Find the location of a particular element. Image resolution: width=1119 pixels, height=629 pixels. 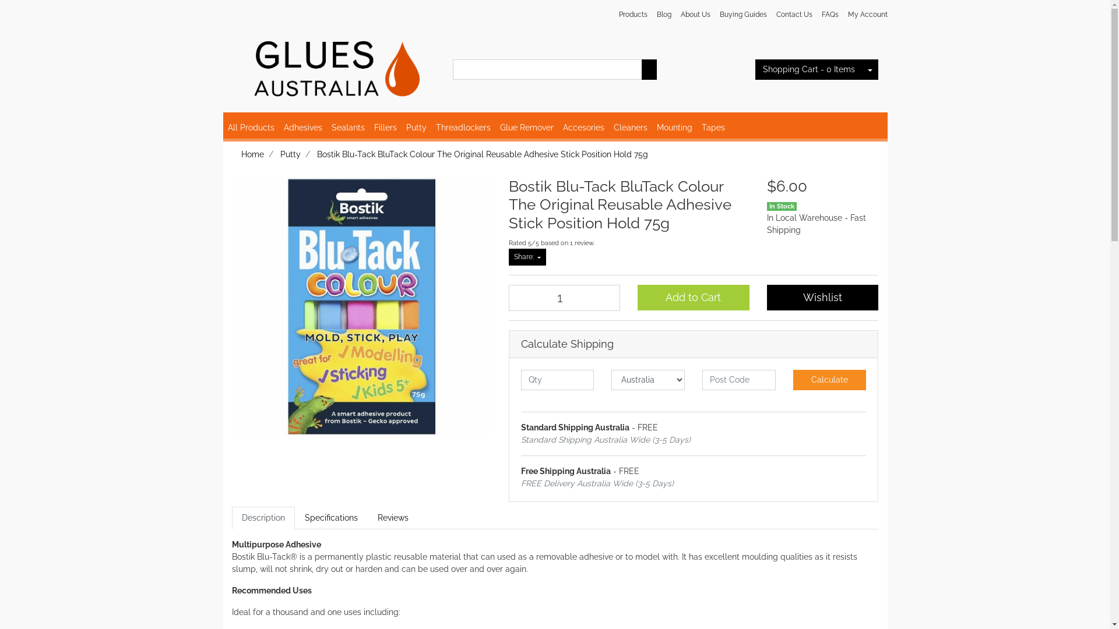

'Tapes' is located at coordinates (713, 128).